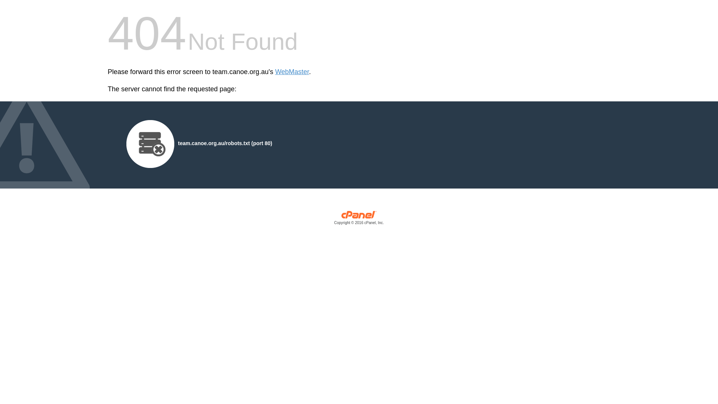 The image size is (718, 404). What do you see at coordinates (292, 72) in the screenshot?
I see `'WebMaster'` at bounding box center [292, 72].